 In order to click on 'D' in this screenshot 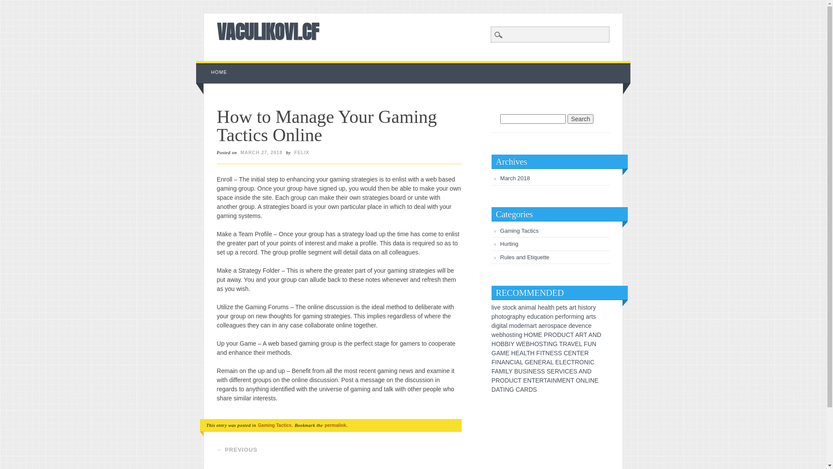, I will do `click(506, 380)`.